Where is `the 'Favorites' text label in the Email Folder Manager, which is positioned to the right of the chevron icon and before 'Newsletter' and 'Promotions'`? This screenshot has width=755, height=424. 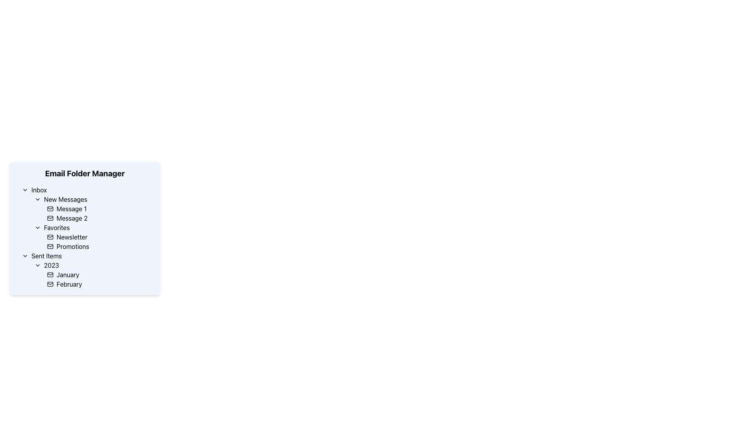 the 'Favorites' text label in the Email Folder Manager, which is positioned to the right of the chevron icon and before 'Newsletter' and 'Promotions' is located at coordinates (56, 227).